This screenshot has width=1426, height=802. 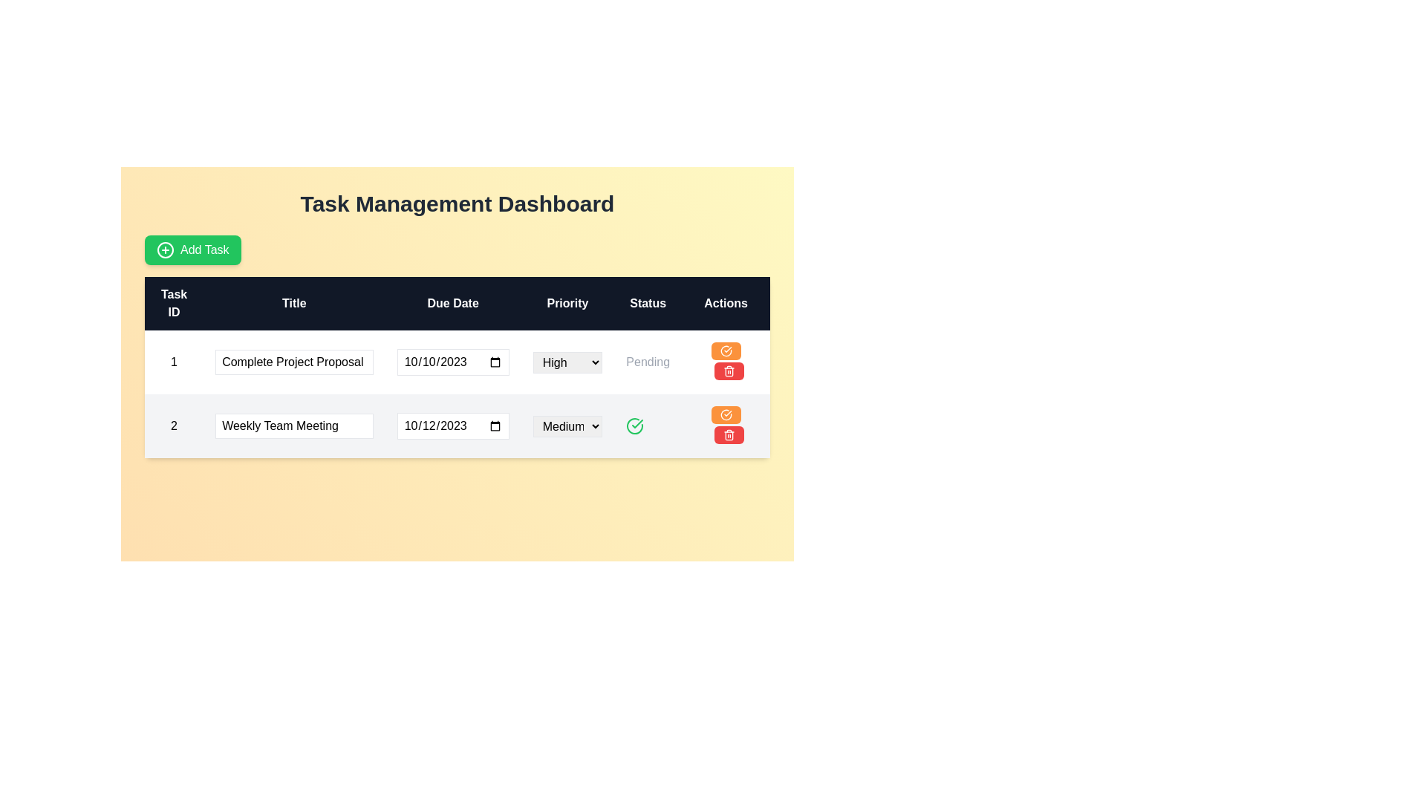 I want to click on the text input field labeled 'Weekly Team Meeting', so click(x=294, y=426).